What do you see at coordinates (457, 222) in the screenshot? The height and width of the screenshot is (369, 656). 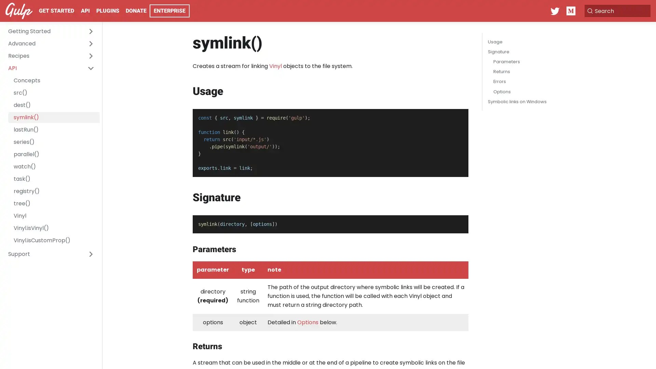 I see `Copy code to clipboard` at bounding box center [457, 222].